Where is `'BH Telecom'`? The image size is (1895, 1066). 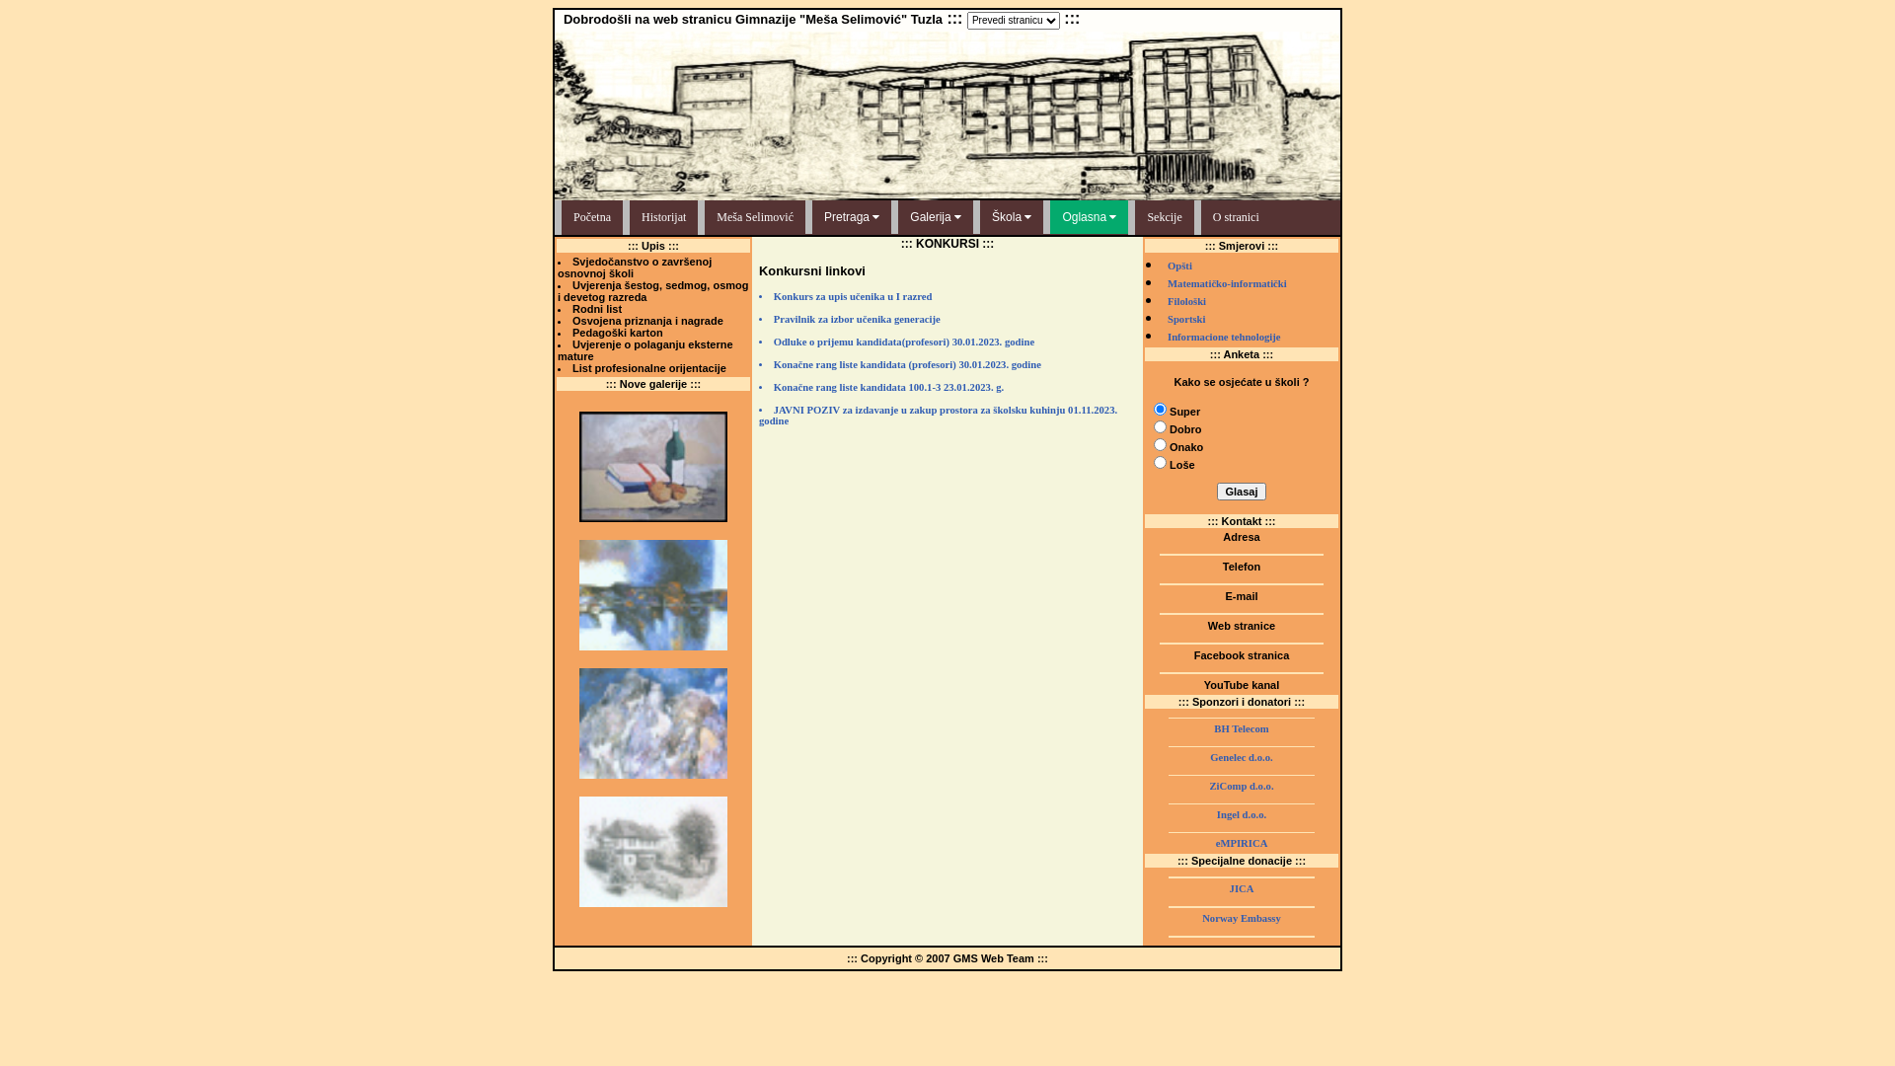 'BH Telecom' is located at coordinates (1240, 728).